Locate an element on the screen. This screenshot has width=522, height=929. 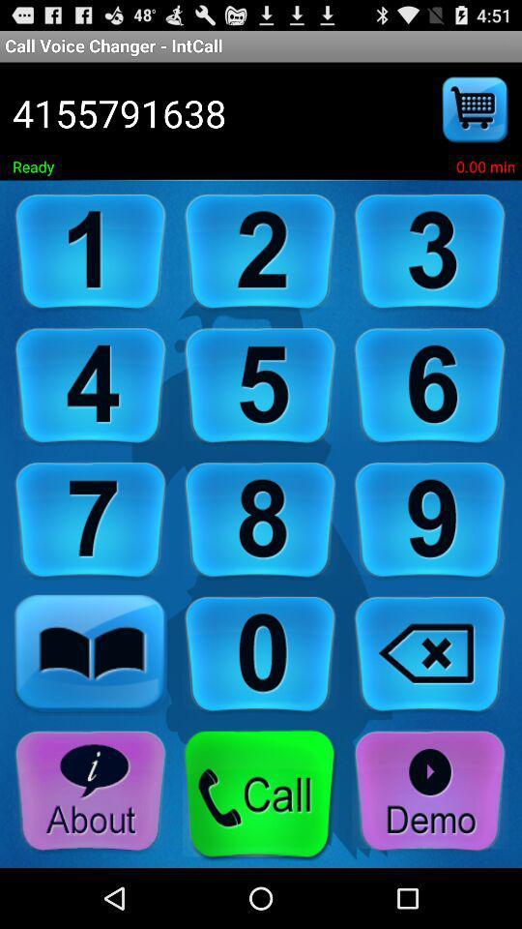
dial number 9 is located at coordinates (430, 520).